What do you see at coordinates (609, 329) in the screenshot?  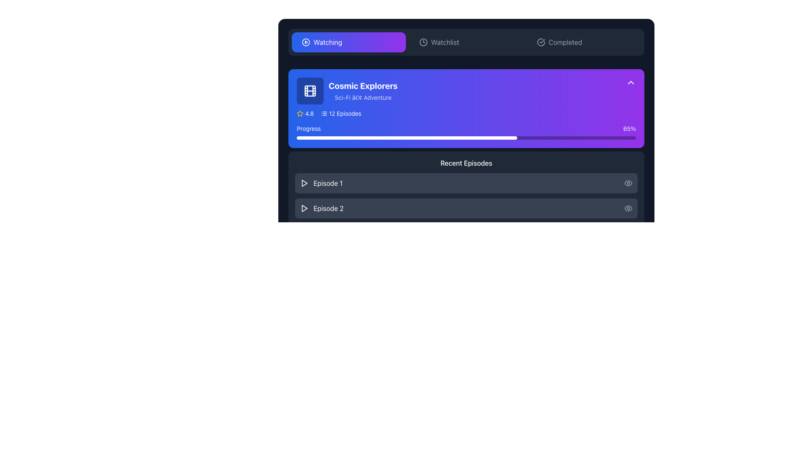 I see `the progress` at bounding box center [609, 329].